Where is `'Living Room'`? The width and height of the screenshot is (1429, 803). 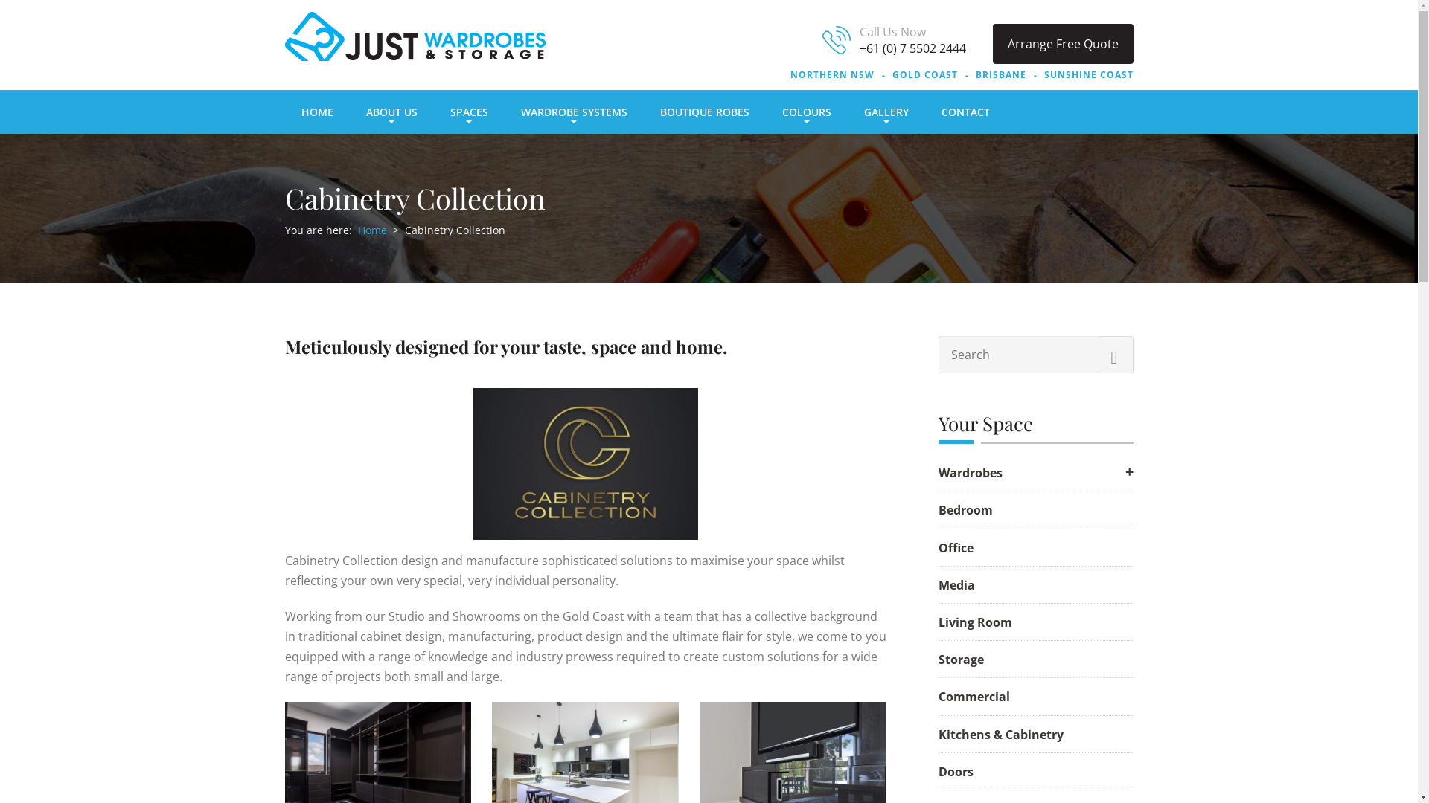 'Living Room' is located at coordinates (1035, 622).